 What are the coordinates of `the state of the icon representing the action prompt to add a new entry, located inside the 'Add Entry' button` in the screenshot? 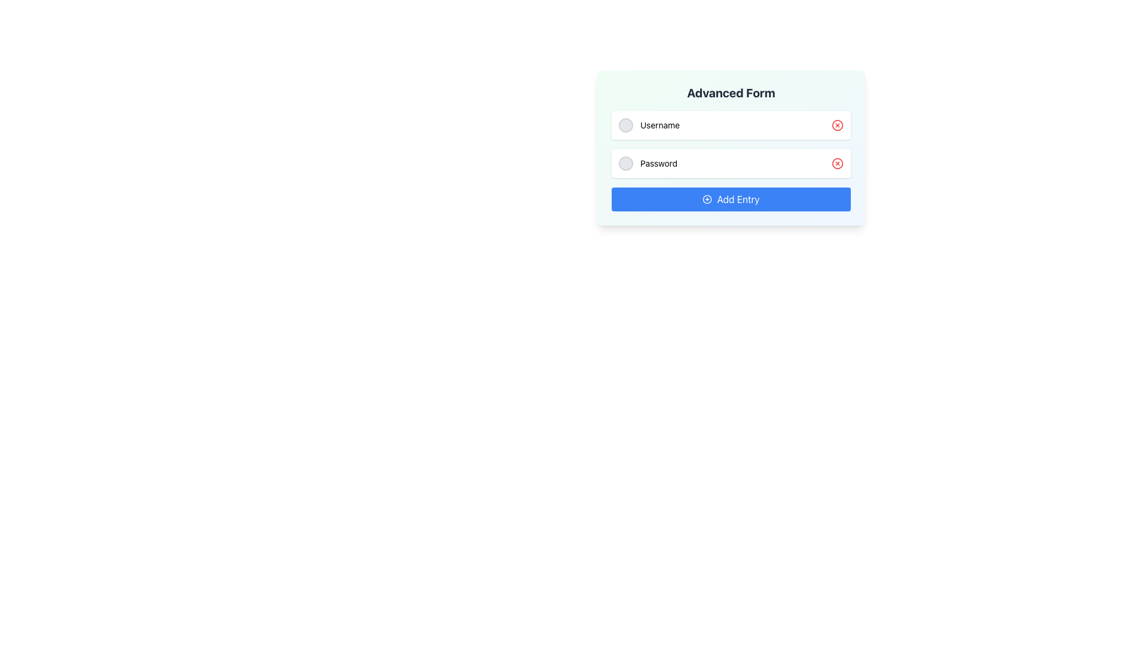 It's located at (707, 199).